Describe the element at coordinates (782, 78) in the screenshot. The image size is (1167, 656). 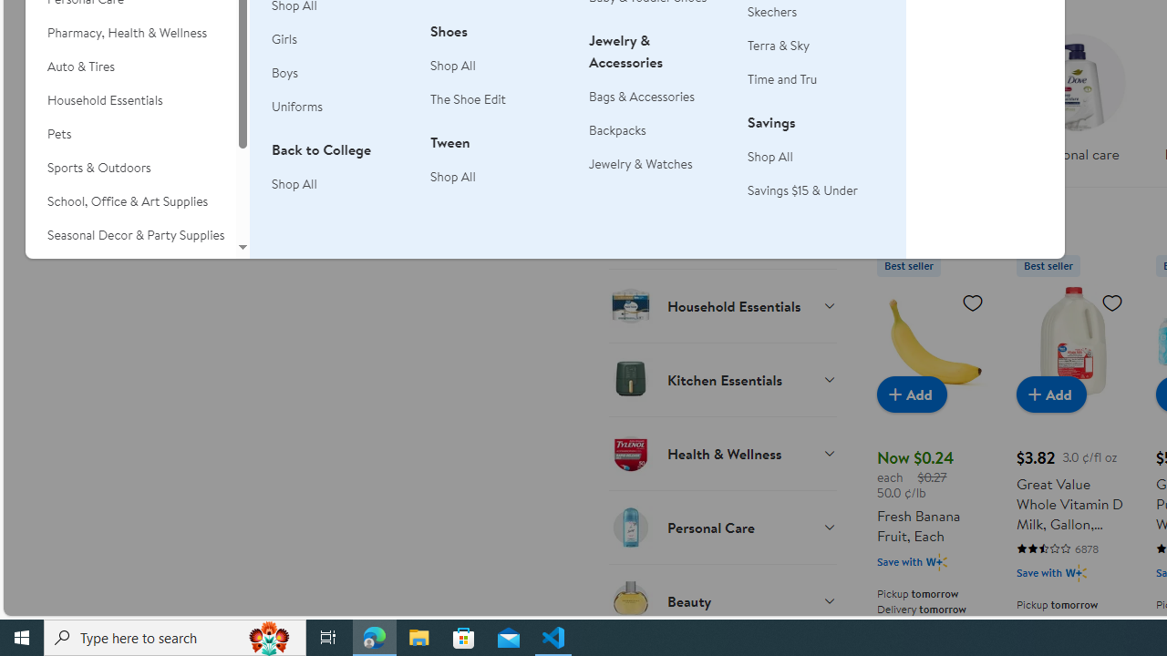
I see `'Time and Tru'` at that location.